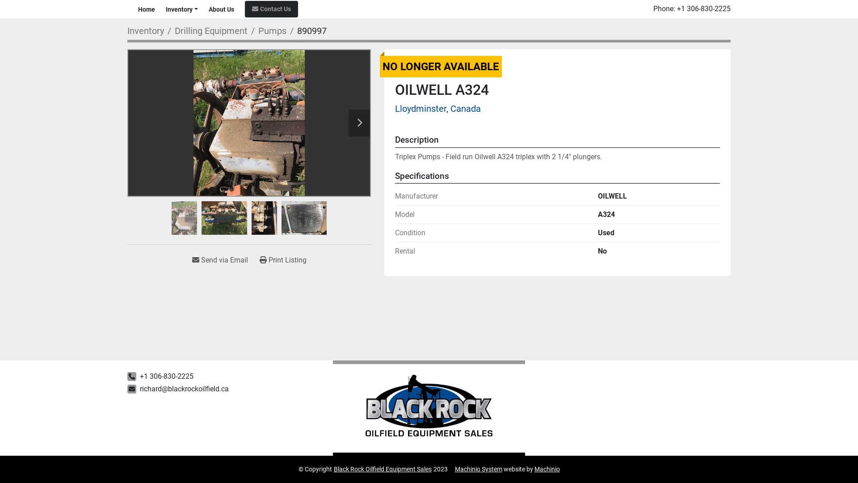  Describe the element at coordinates (271, 9) in the screenshot. I see `'Contact Us'` at that location.